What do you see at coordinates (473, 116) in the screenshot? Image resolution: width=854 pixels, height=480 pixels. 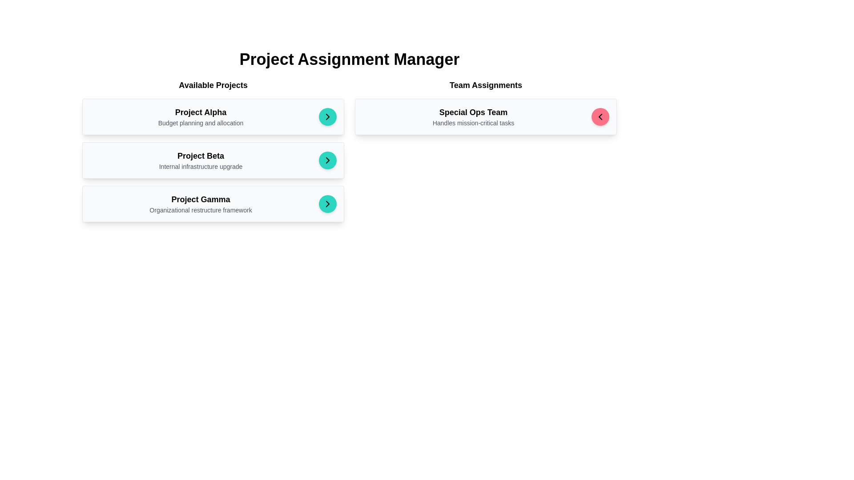 I see `the text label displaying 'Special Ops Team' and its subtitle 'Handles mission-critical tasks', which is positioned under the 'Team Assignments' section and next to a circular button with a left-pointing arrow icon` at bounding box center [473, 116].